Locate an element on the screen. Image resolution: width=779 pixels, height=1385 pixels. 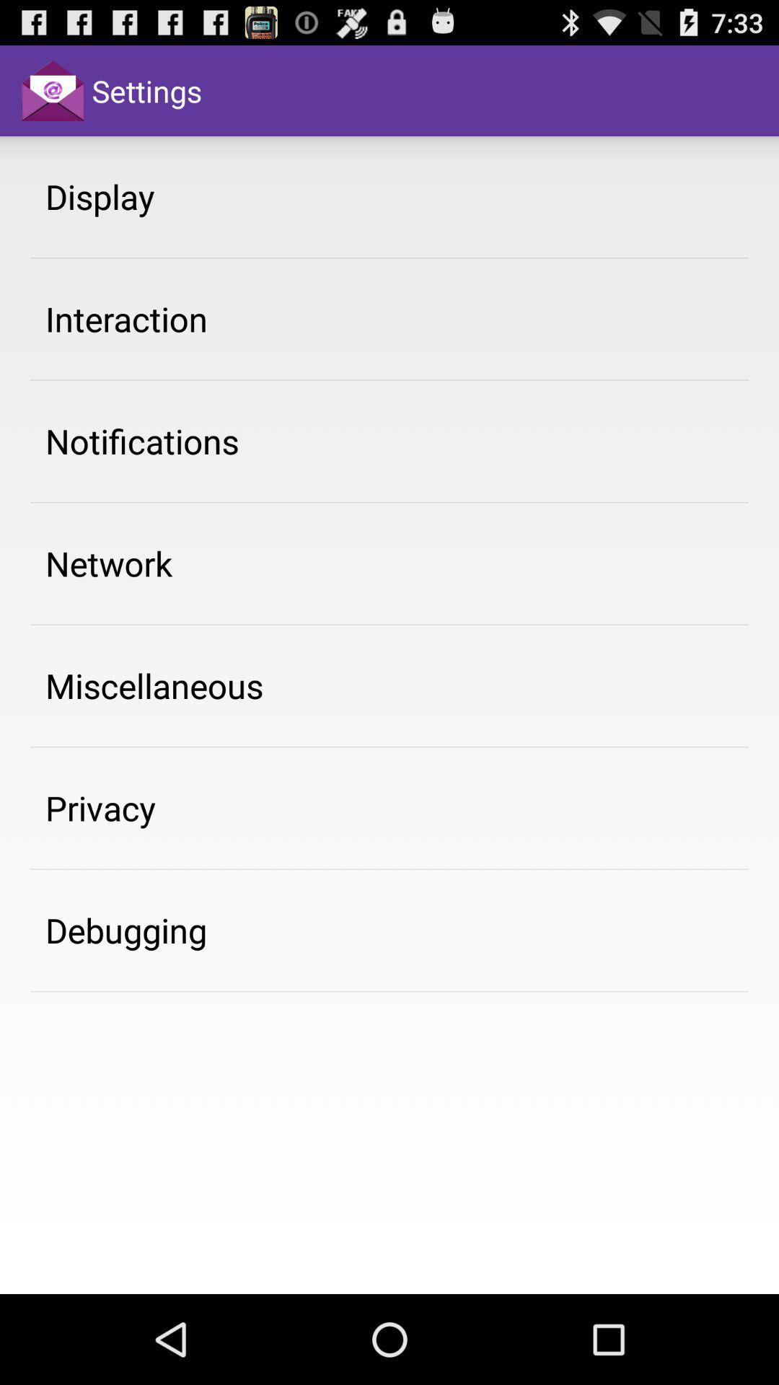
network is located at coordinates (108, 563).